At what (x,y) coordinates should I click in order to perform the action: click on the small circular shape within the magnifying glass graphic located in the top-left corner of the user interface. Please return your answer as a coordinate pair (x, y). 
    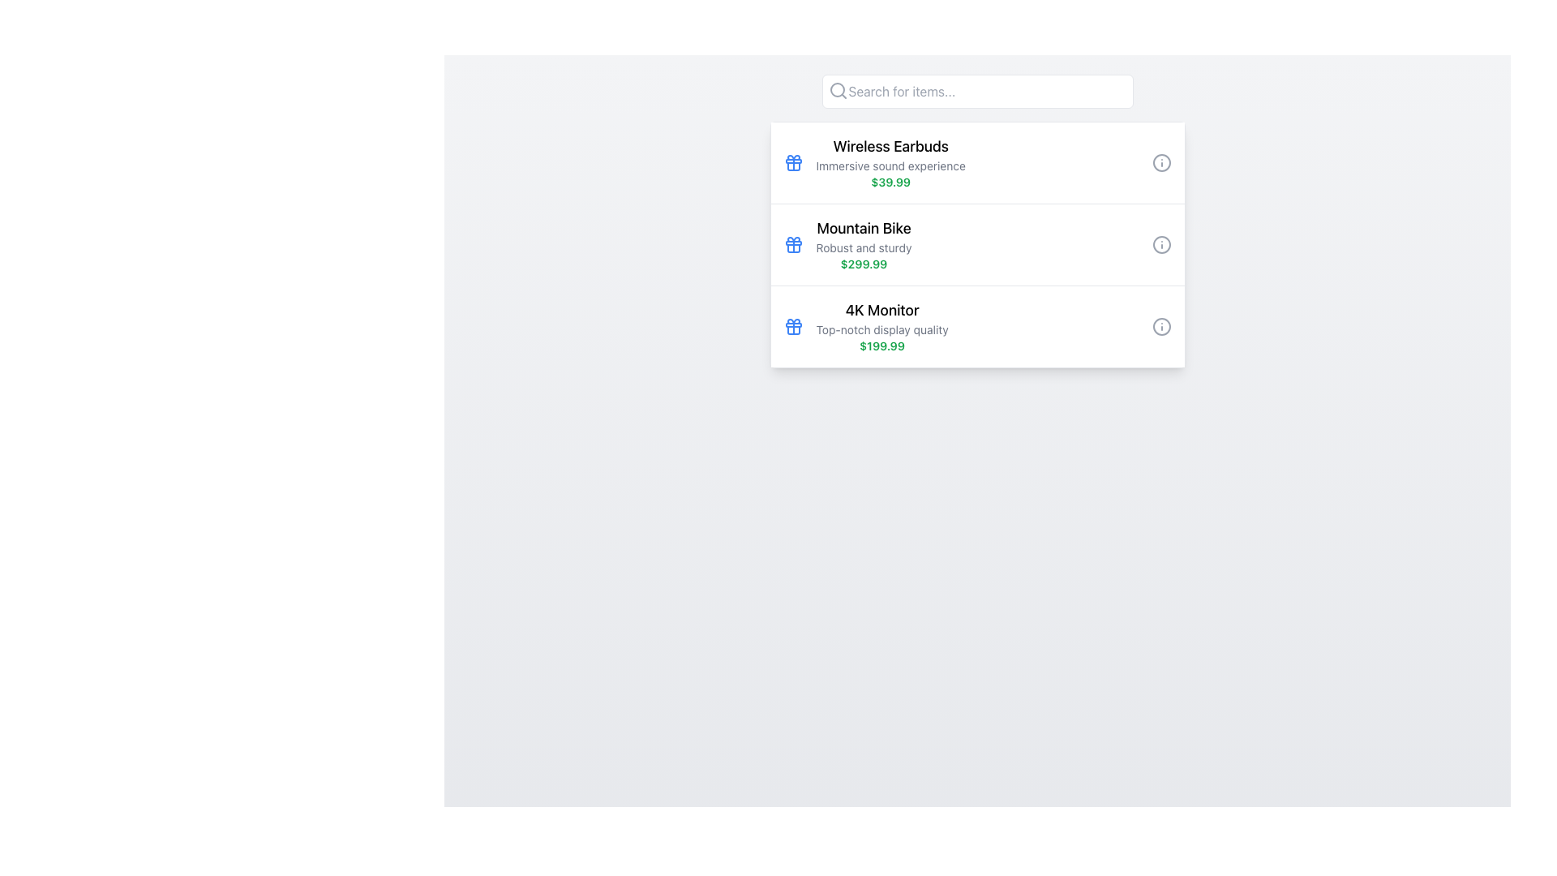
    Looking at the image, I should click on (837, 90).